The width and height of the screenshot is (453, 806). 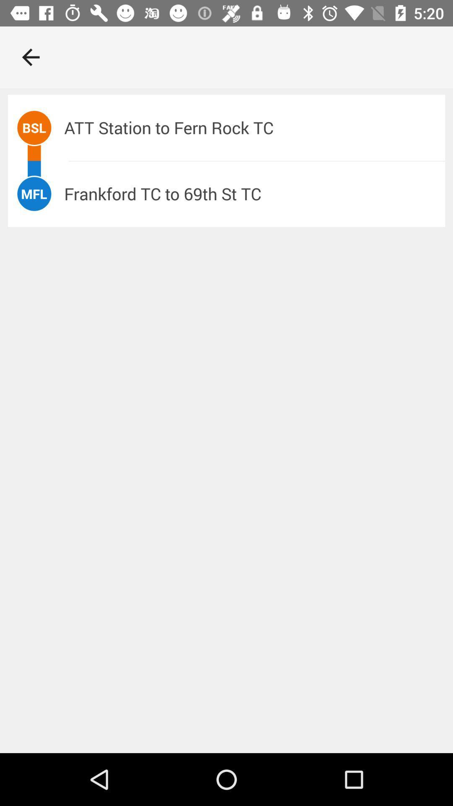 I want to click on icon to the left of the frankford tc to icon, so click(x=34, y=193).